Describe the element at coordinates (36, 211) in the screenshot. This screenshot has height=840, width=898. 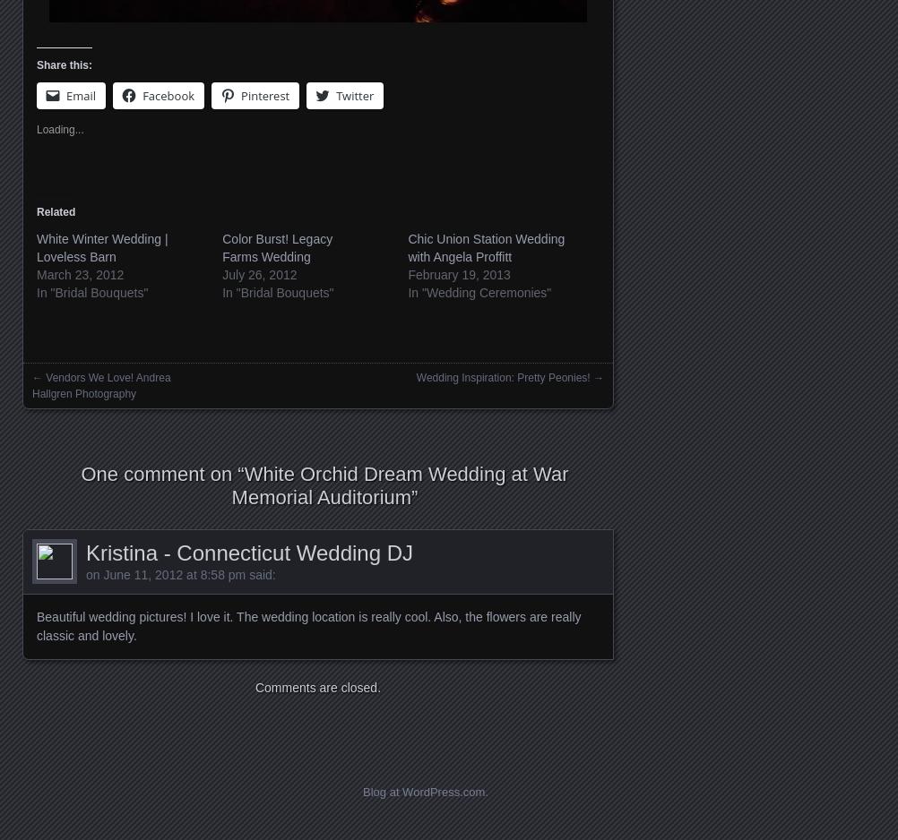
I see `'Related'` at that location.